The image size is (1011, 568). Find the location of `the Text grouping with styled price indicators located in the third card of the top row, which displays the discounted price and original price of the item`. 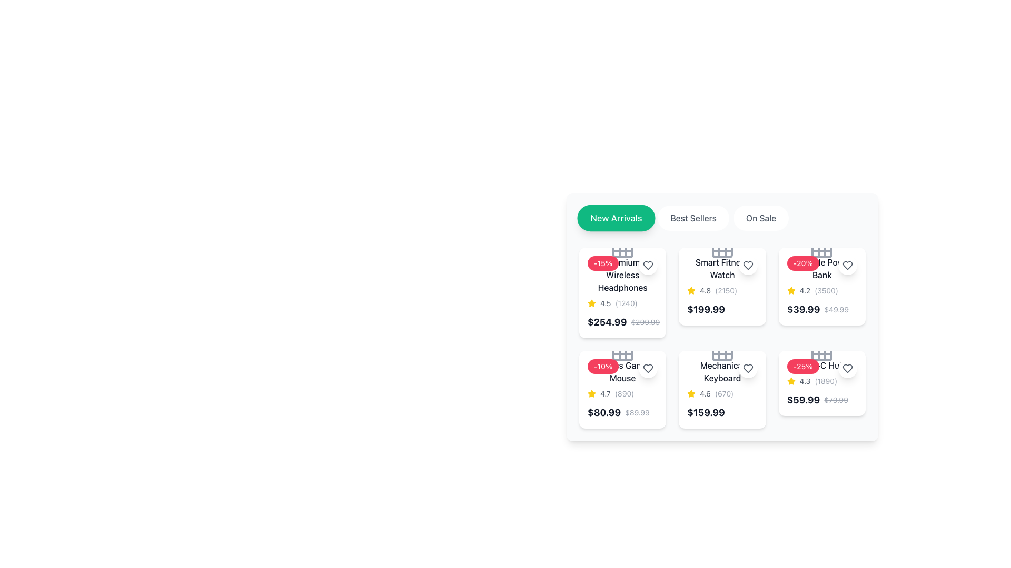

the Text grouping with styled price indicators located in the third card of the top row, which displays the discounted price and original price of the item is located at coordinates (817, 309).